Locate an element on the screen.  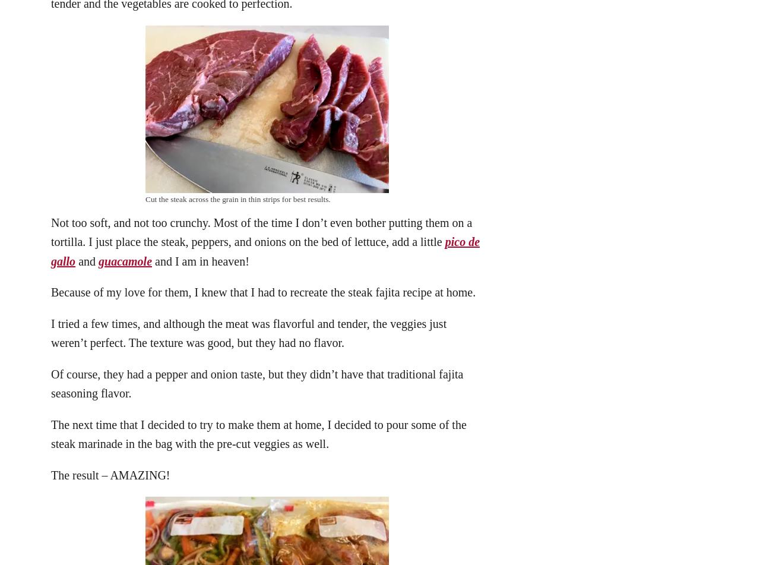
'I tried a few times, and although the meat was flavorful and tender, the veggies just weren’t perfect. The texture was good, but they had no flavor.' is located at coordinates (248, 332).